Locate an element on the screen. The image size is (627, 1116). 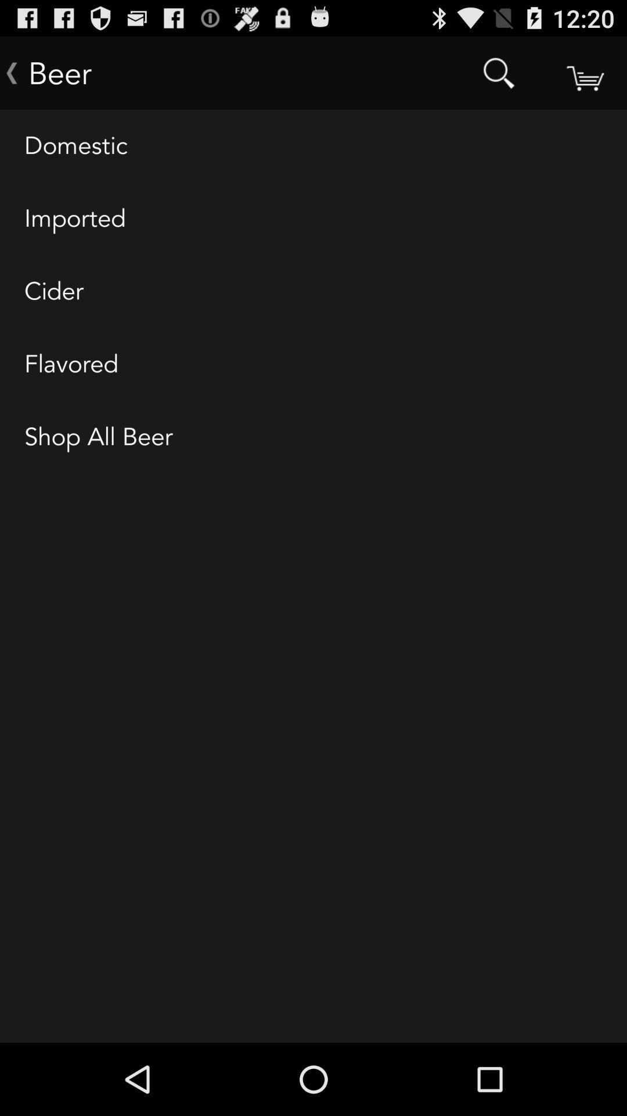
the shop all beer icon is located at coordinates (313, 437).